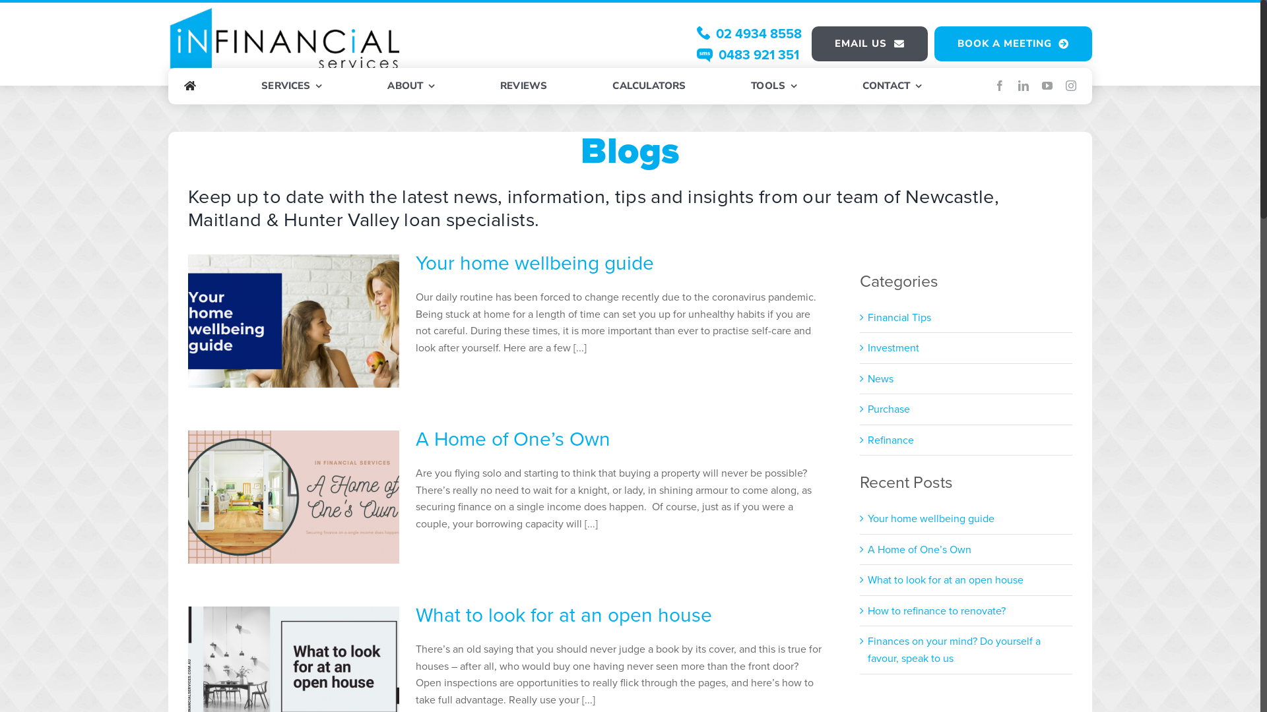 The image size is (1267, 712). What do you see at coordinates (564, 615) in the screenshot?
I see `'What to look for at an open house'` at bounding box center [564, 615].